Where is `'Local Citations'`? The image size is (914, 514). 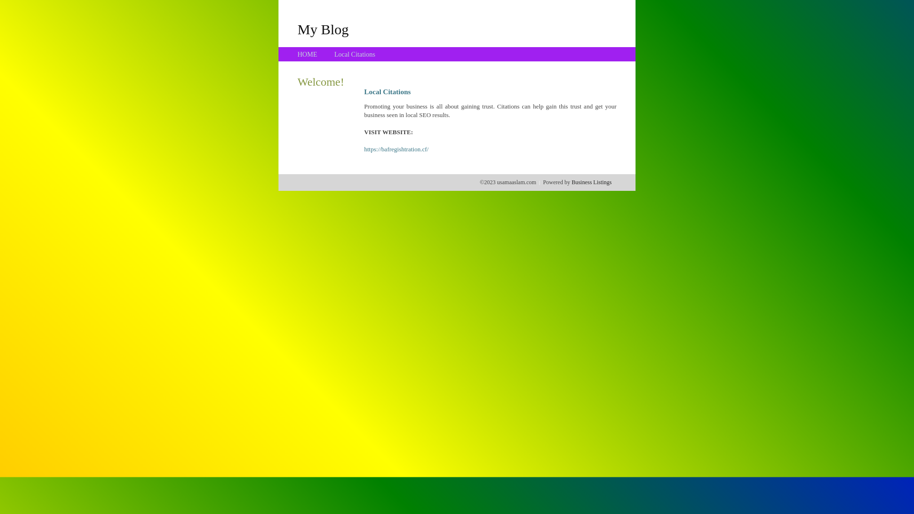
'Local Citations' is located at coordinates (354, 54).